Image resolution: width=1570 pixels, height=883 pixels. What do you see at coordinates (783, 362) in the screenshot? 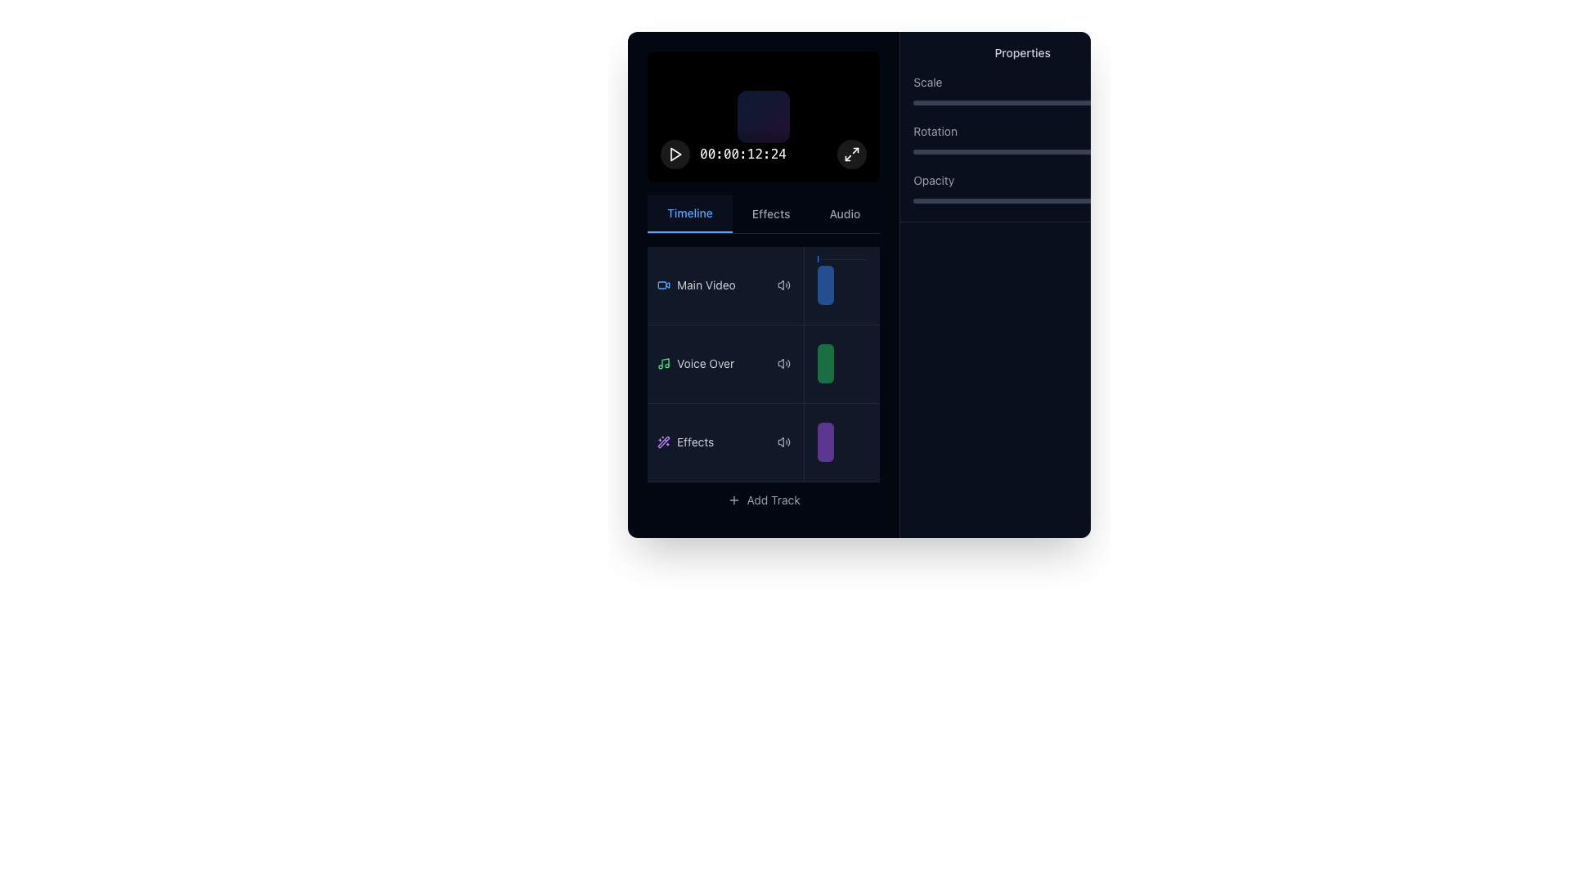
I see `the audio volume button, which is an icon styled with a rounded background and features a speaker with sound waves, located to the right of the 'Voice Over' text` at bounding box center [783, 362].